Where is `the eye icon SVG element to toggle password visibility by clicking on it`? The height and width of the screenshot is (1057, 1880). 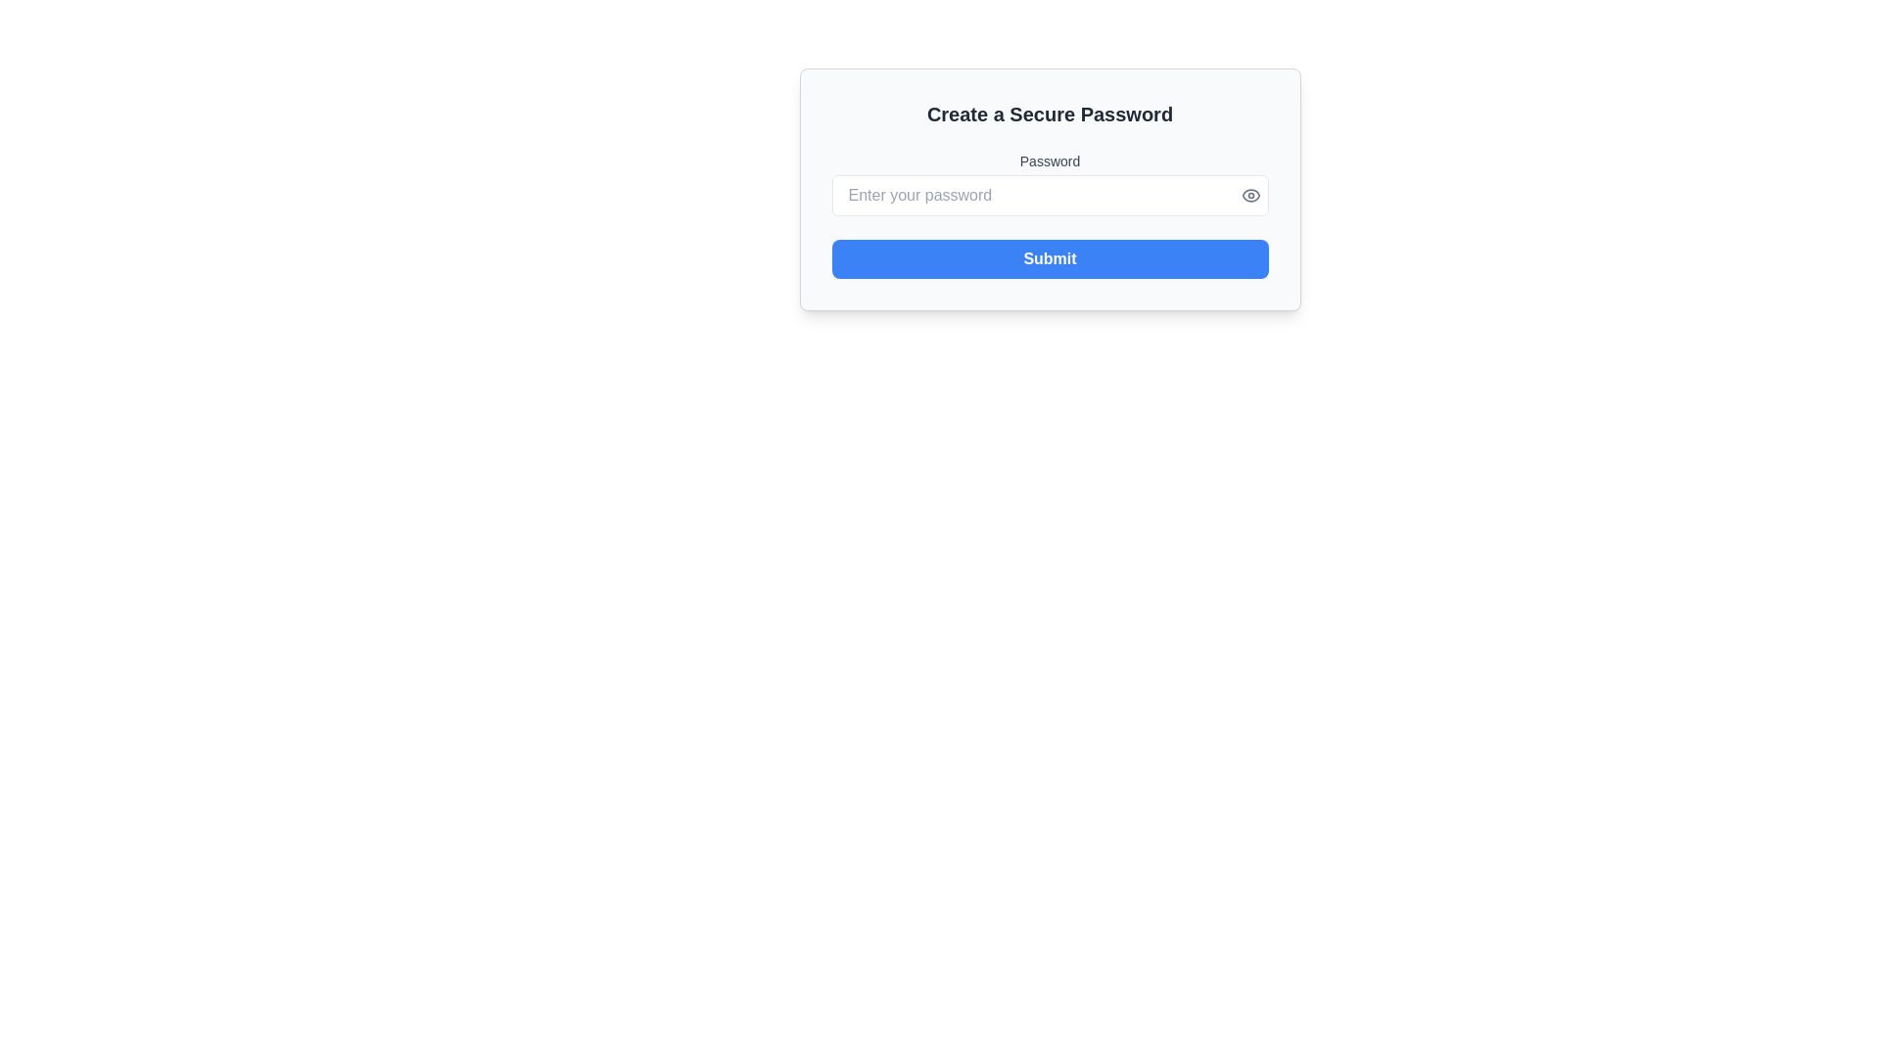 the eye icon SVG element to toggle password visibility by clicking on it is located at coordinates (1249, 196).